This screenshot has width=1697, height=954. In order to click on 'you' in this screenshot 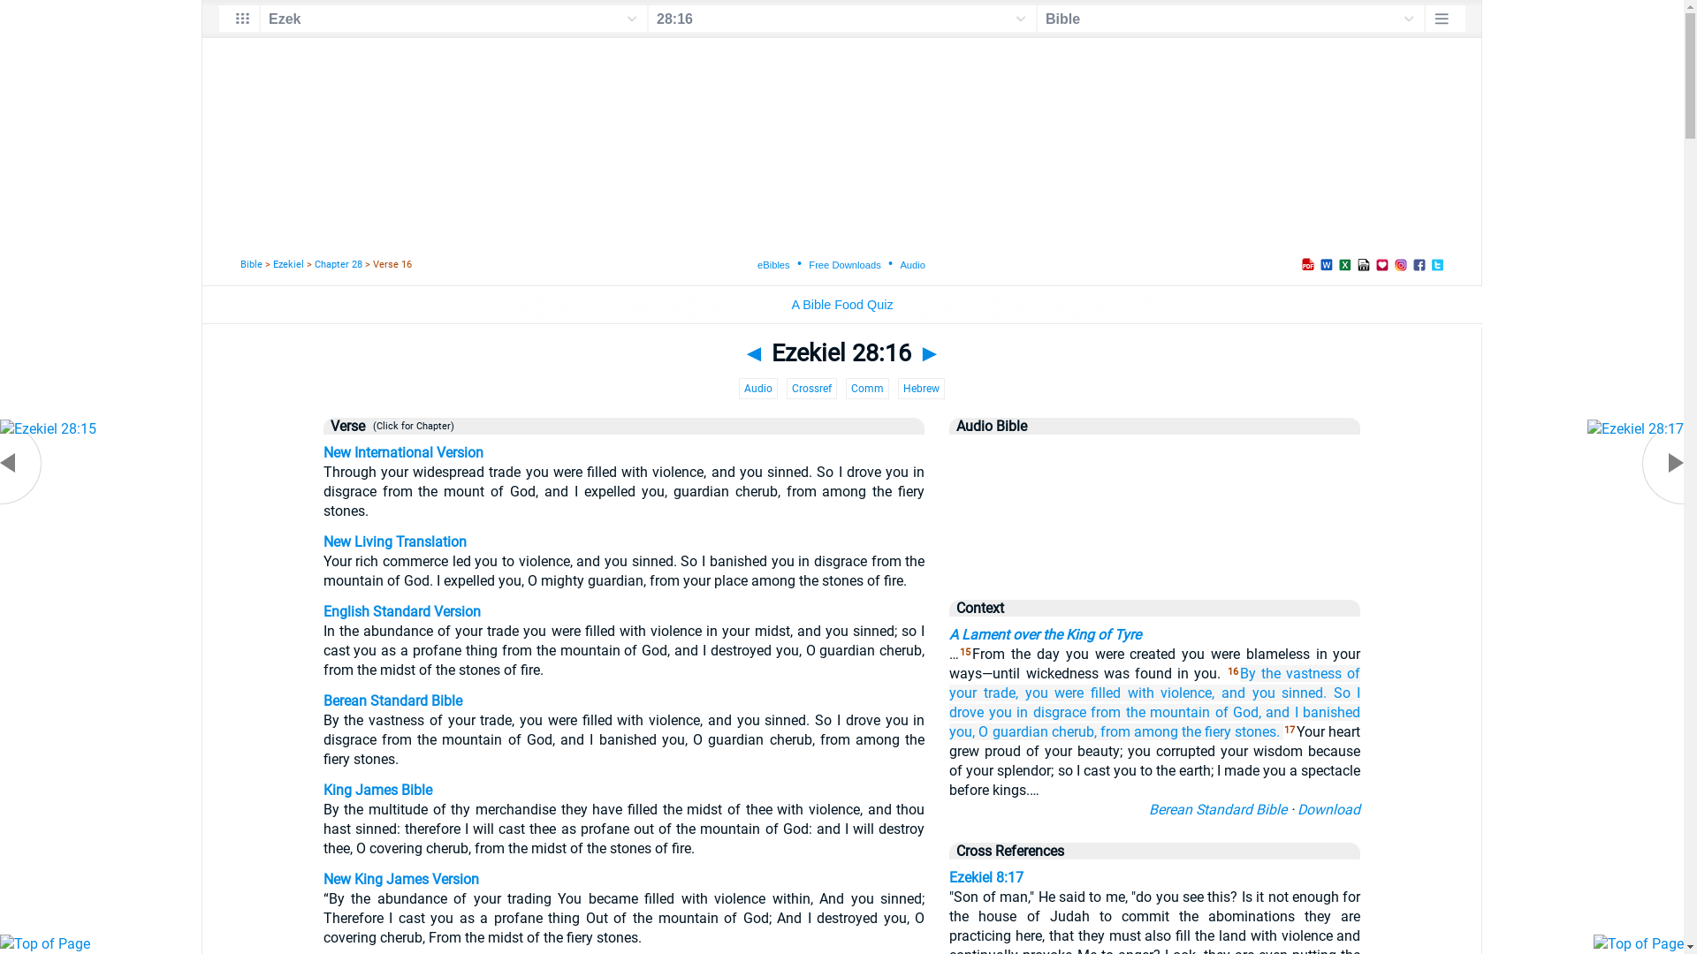, I will do `click(1036, 692)`.